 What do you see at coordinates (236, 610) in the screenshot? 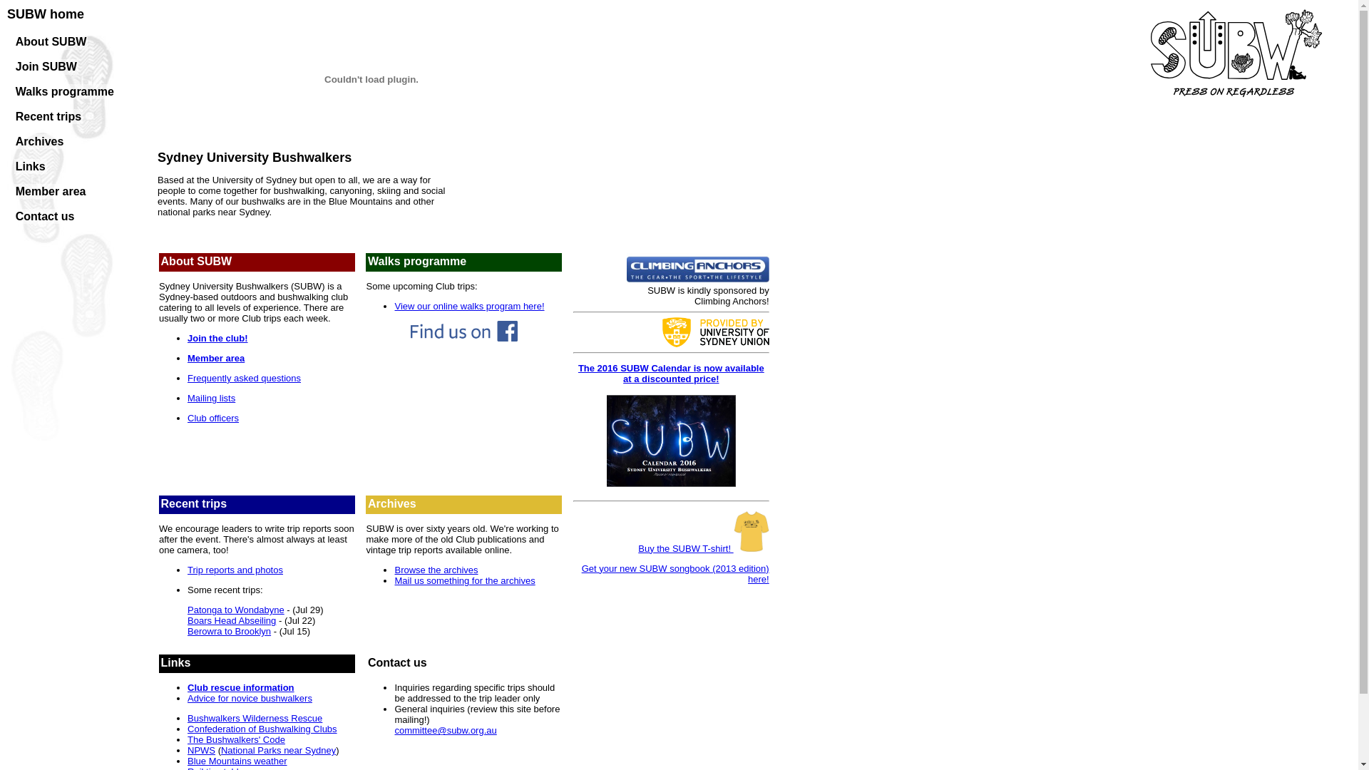
I see `'Patonga to Wondabyne'` at bounding box center [236, 610].